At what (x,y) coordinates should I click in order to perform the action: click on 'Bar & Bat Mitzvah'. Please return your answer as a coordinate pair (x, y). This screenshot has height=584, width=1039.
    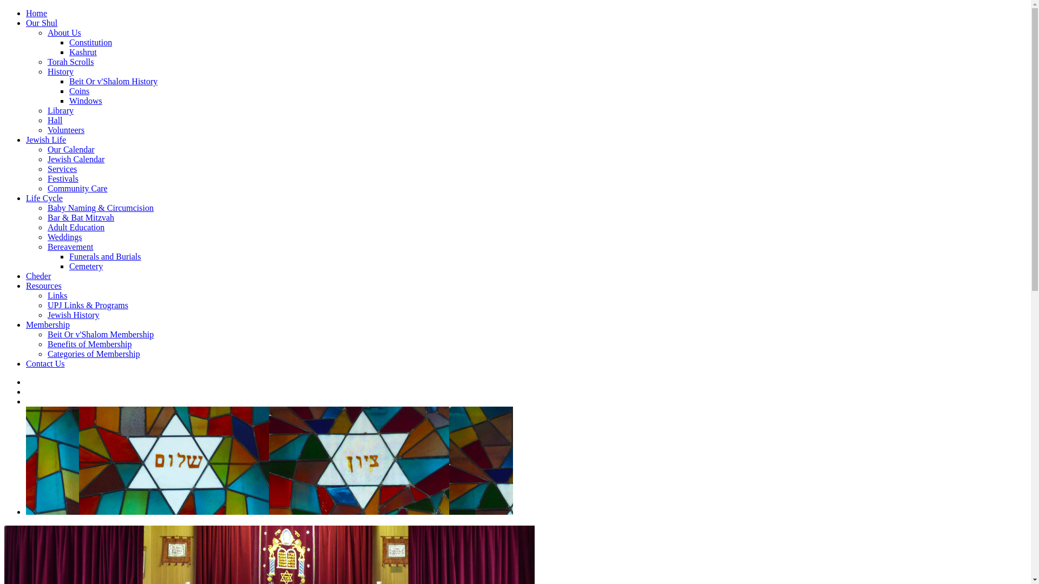
    Looking at the image, I should click on (80, 217).